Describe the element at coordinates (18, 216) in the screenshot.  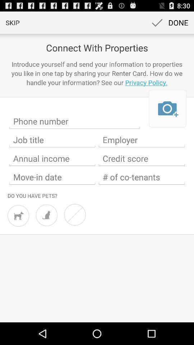
I see `mark a dog as a pet` at that location.